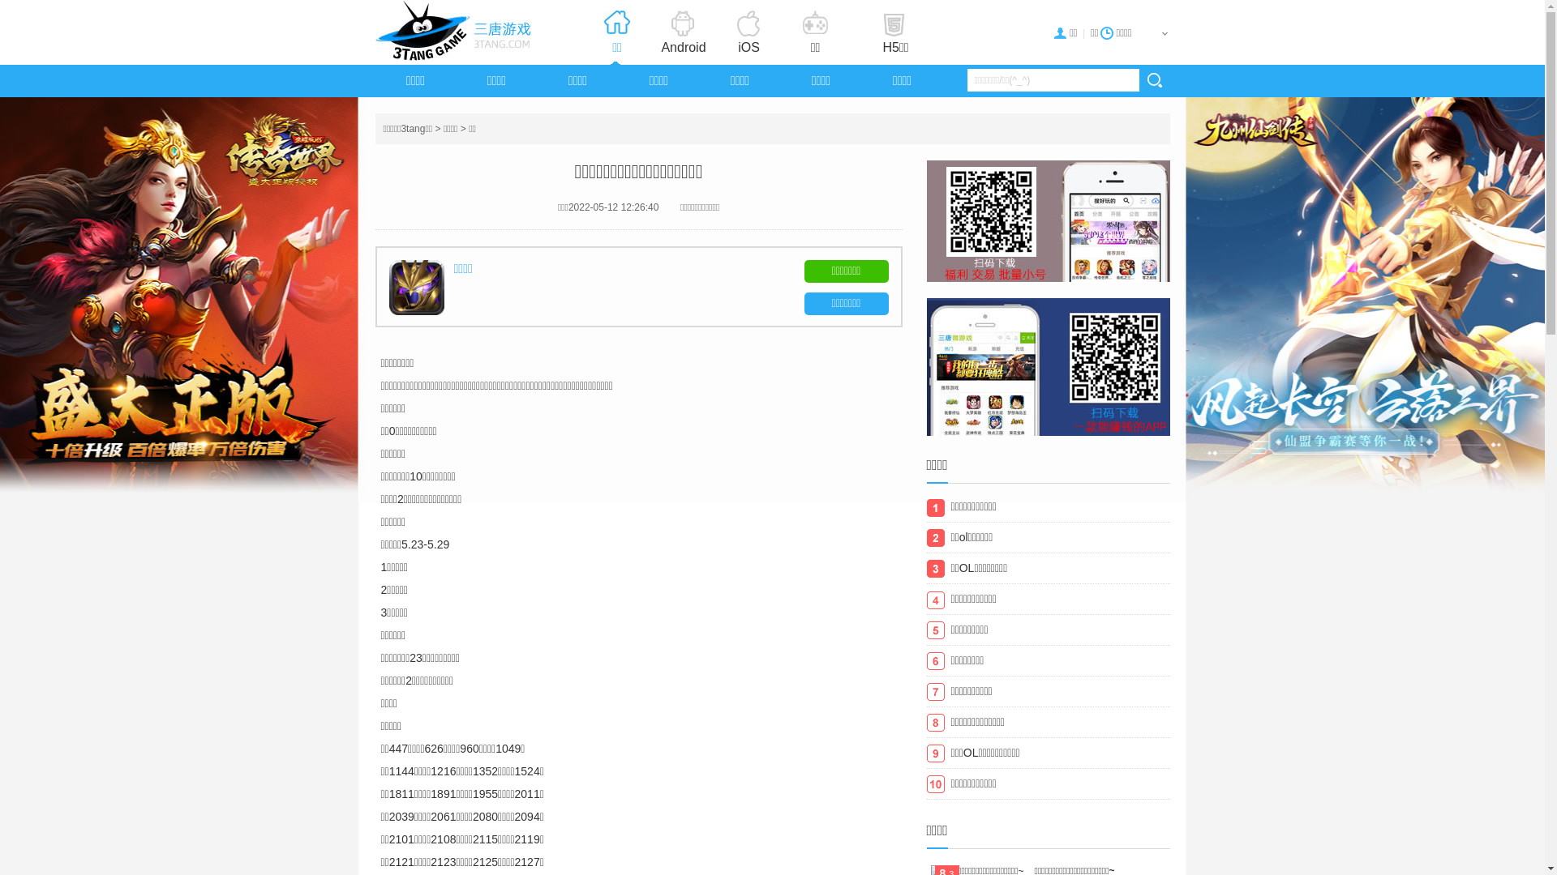 Image resolution: width=1557 pixels, height=875 pixels. Describe the element at coordinates (747, 33) in the screenshot. I see `'iOS'` at that location.